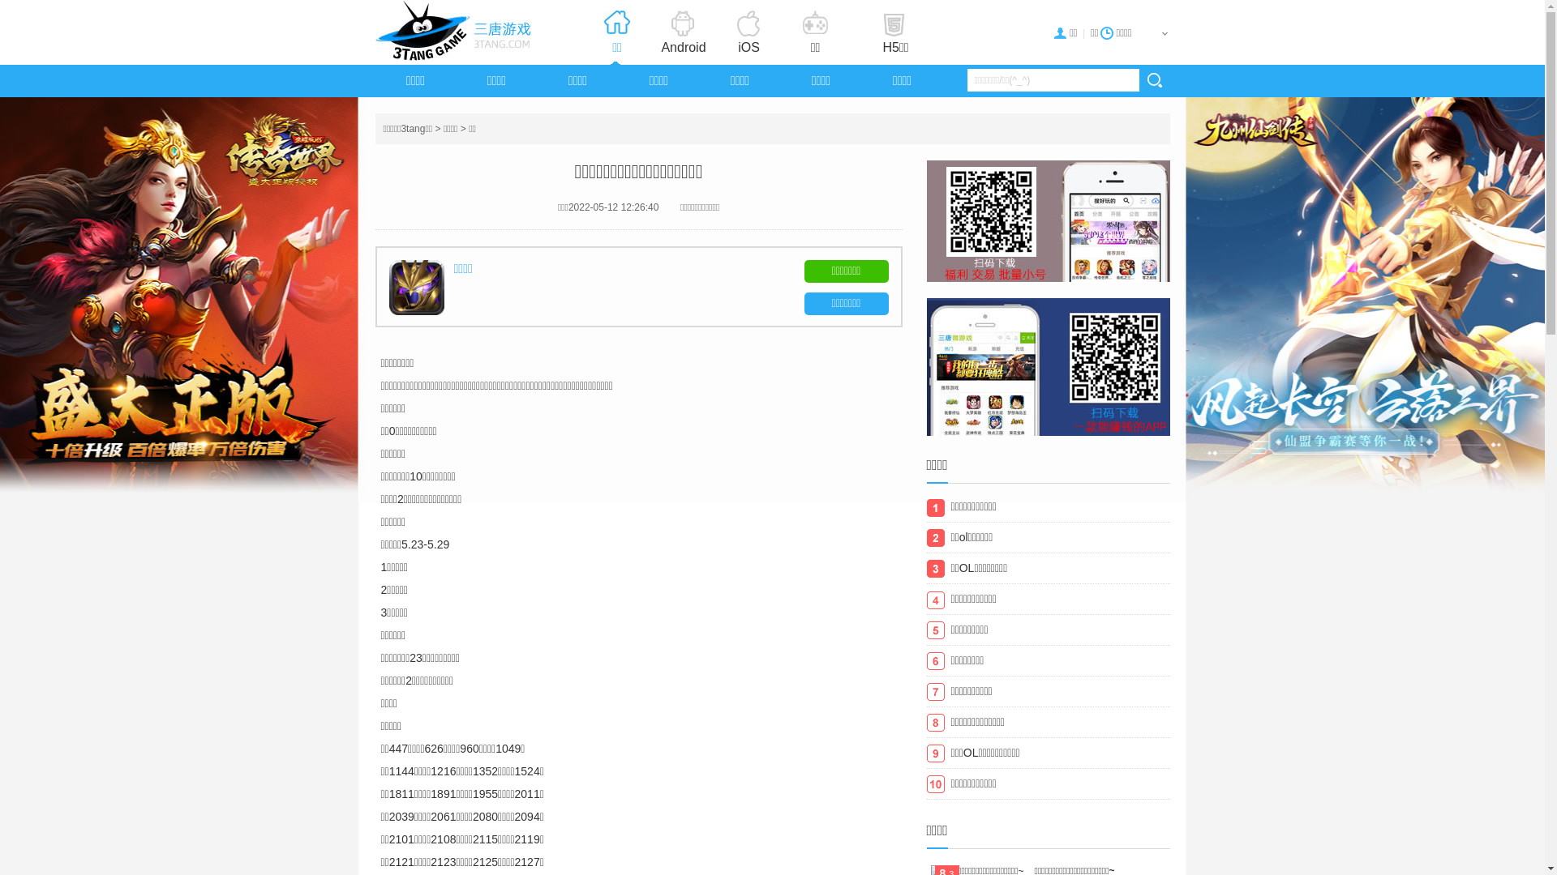 Image resolution: width=1557 pixels, height=875 pixels. Describe the element at coordinates (747, 33) in the screenshot. I see `'iOS'` at that location.